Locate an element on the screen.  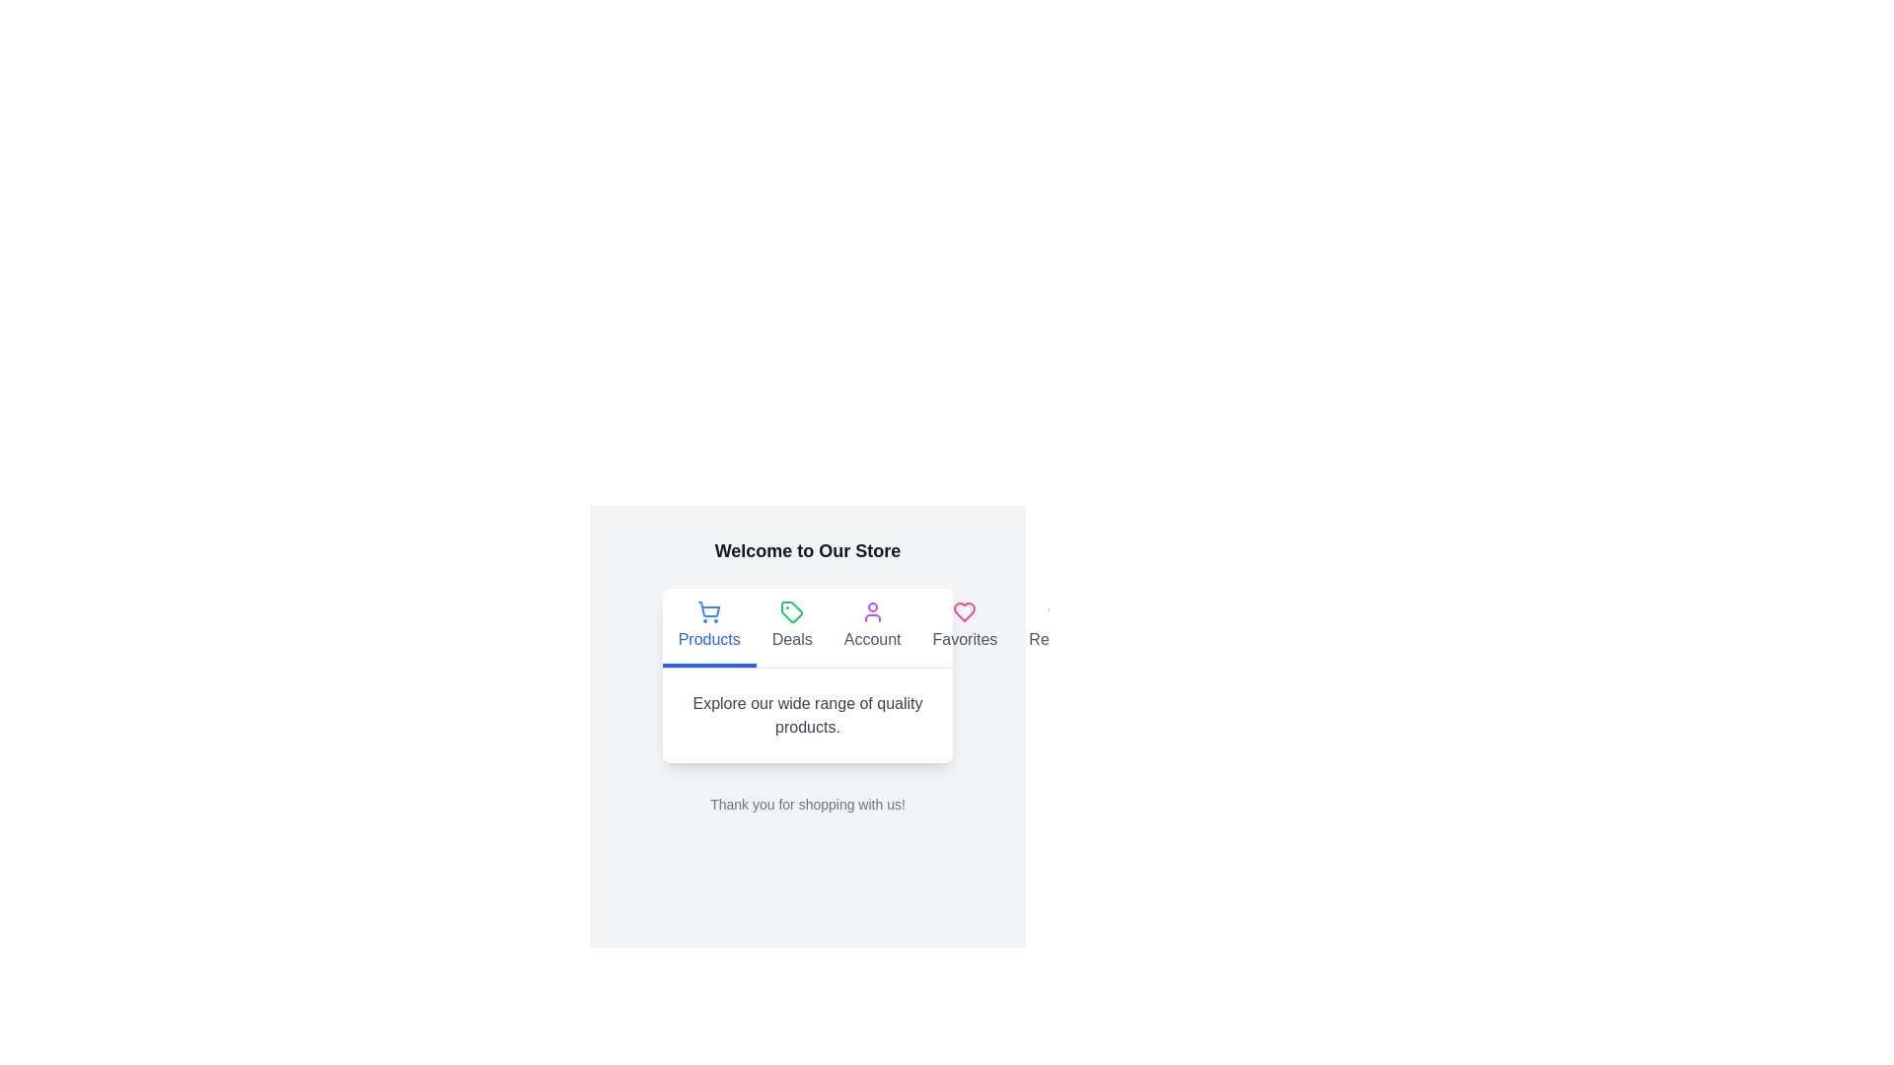
the 'Favorites' navigation tab, which is represented by a pink heart icon and is the fourth item is located at coordinates (965, 626).